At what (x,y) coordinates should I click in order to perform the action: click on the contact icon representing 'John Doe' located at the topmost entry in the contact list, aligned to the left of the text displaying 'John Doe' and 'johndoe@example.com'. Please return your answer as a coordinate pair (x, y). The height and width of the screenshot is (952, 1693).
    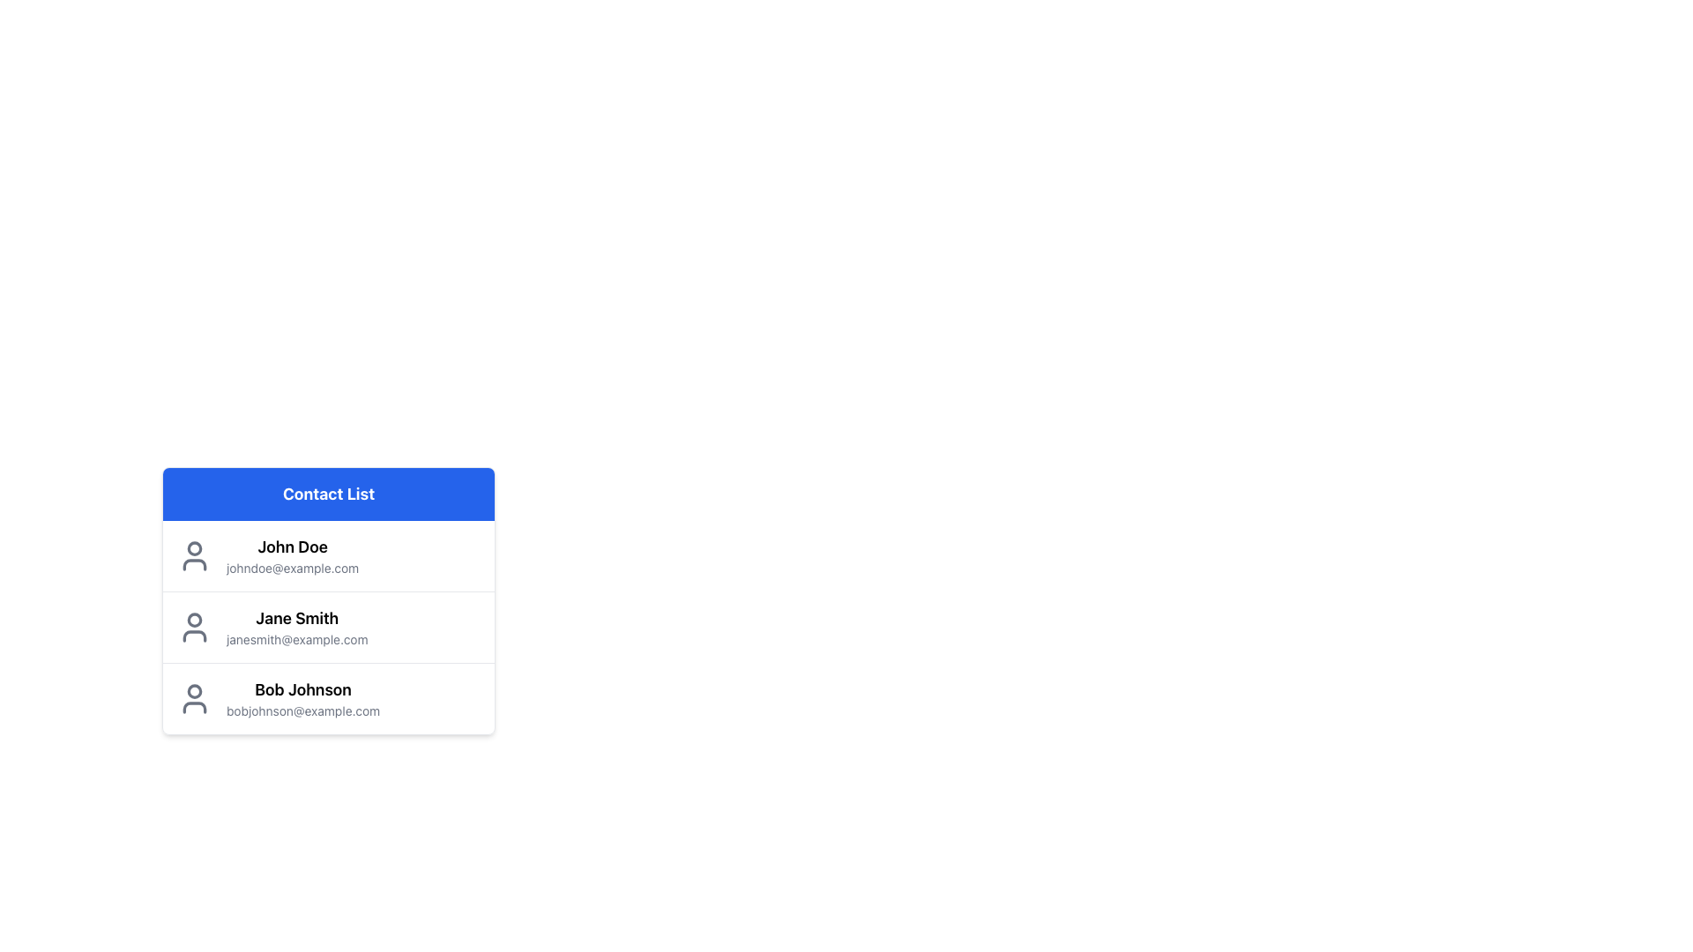
    Looking at the image, I should click on (194, 556).